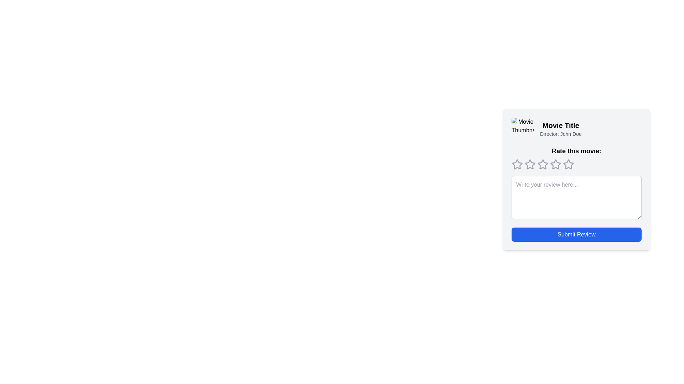  What do you see at coordinates (568, 164) in the screenshot?
I see `the fifth star icon in the rating system, which is a gray outlined star indicating an unselected state` at bounding box center [568, 164].